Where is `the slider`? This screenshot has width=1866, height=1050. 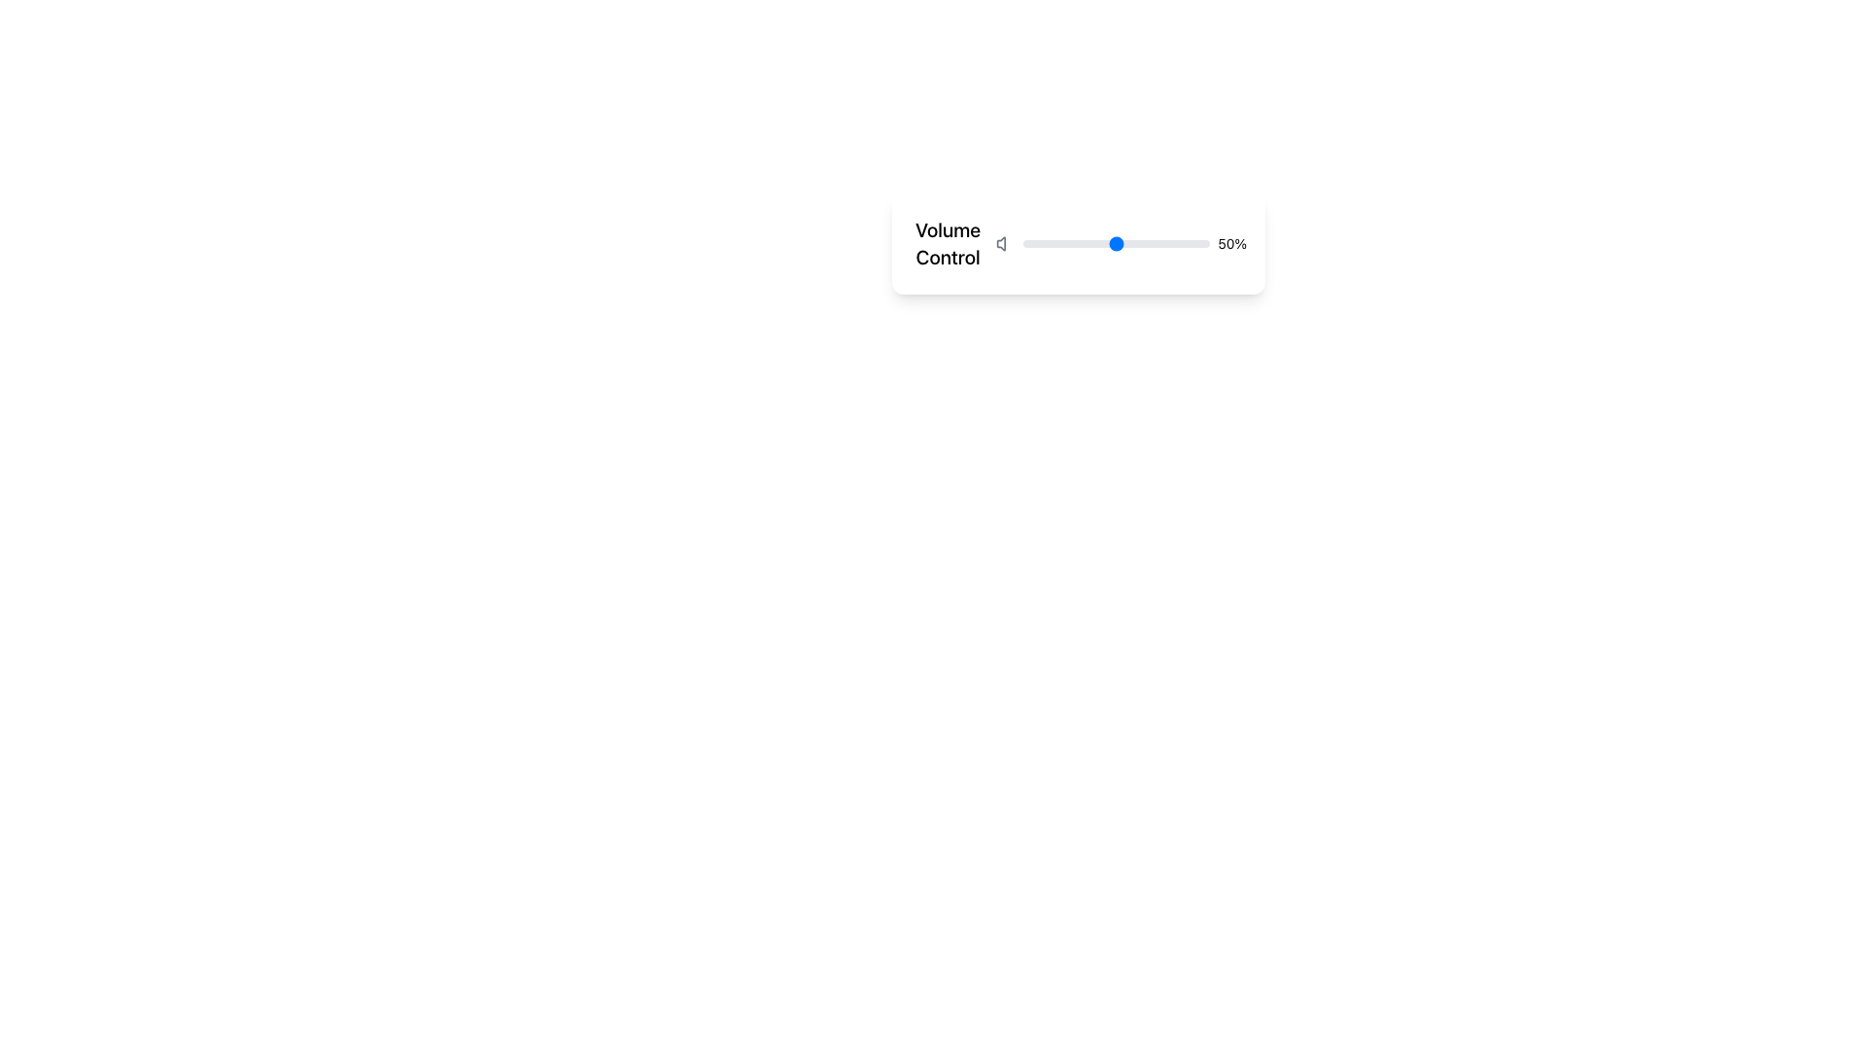 the slider is located at coordinates (1143, 242).